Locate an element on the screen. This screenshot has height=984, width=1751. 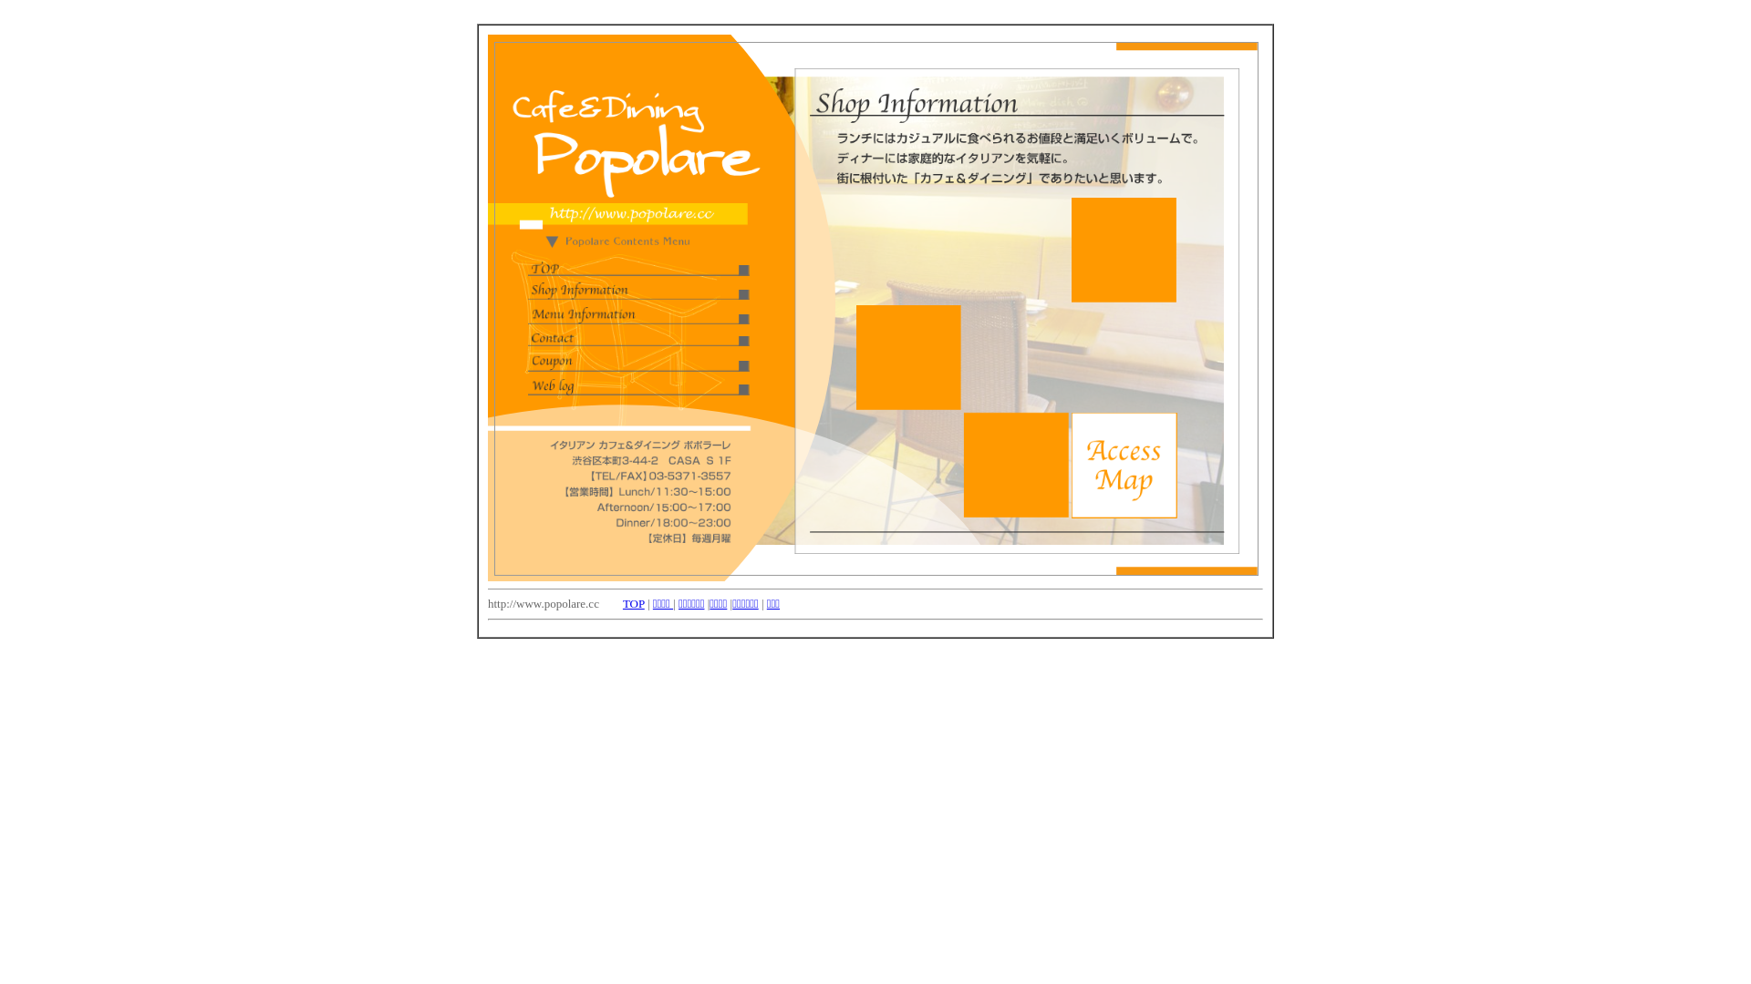
'TOP' is located at coordinates (634, 603).